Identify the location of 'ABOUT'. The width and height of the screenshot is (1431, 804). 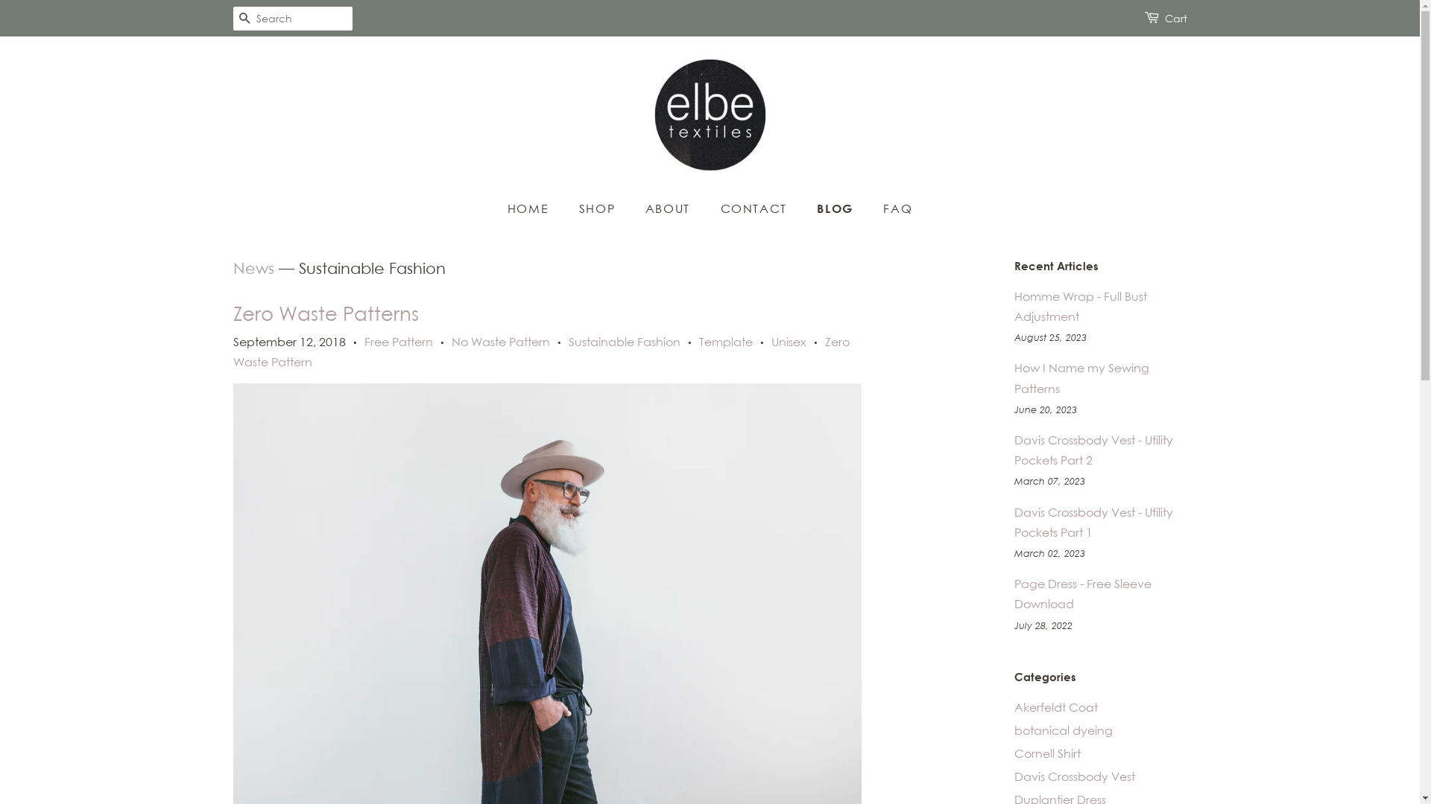
(669, 208).